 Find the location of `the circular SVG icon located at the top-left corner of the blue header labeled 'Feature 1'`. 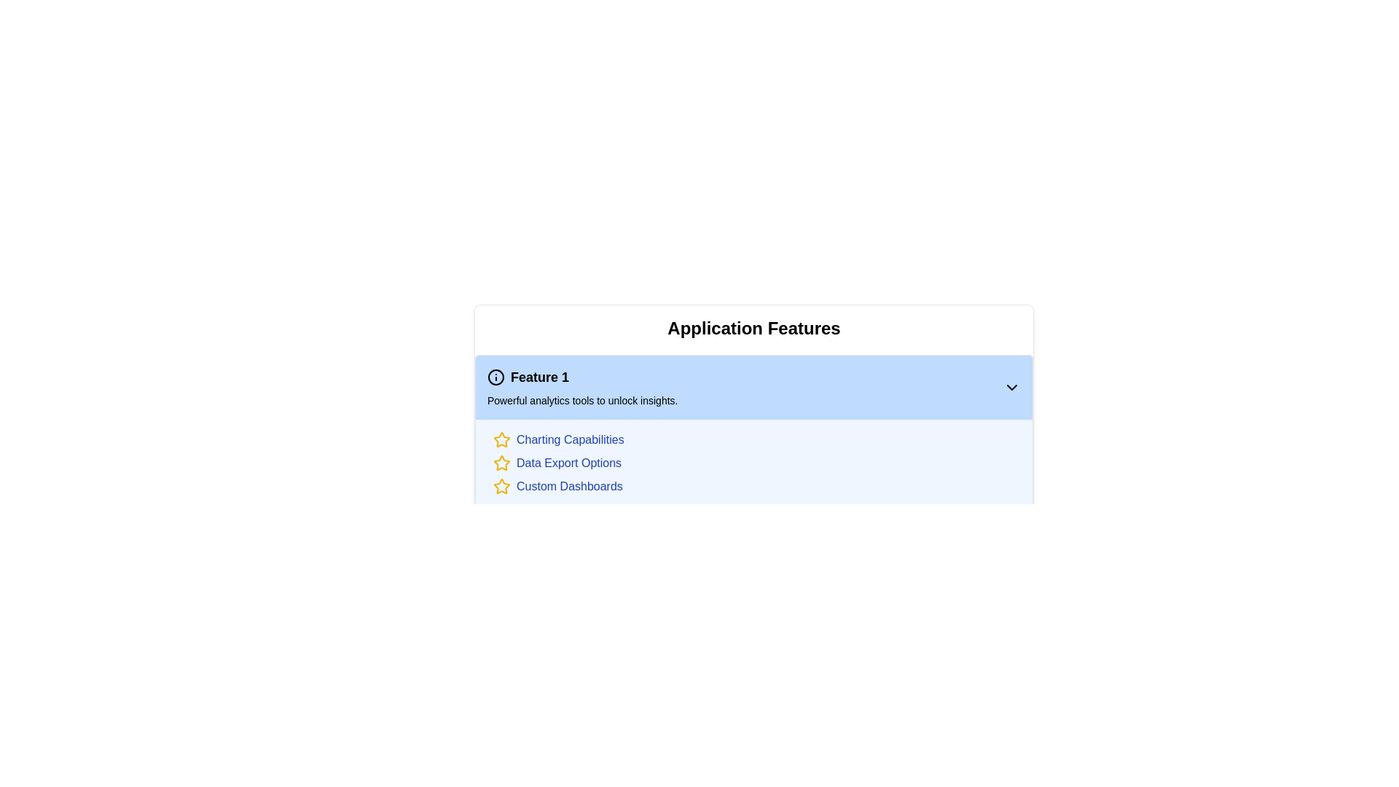

the circular SVG icon located at the top-left corner of the blue header labeled 'Feature 1' is located at coordinates (496, 376).